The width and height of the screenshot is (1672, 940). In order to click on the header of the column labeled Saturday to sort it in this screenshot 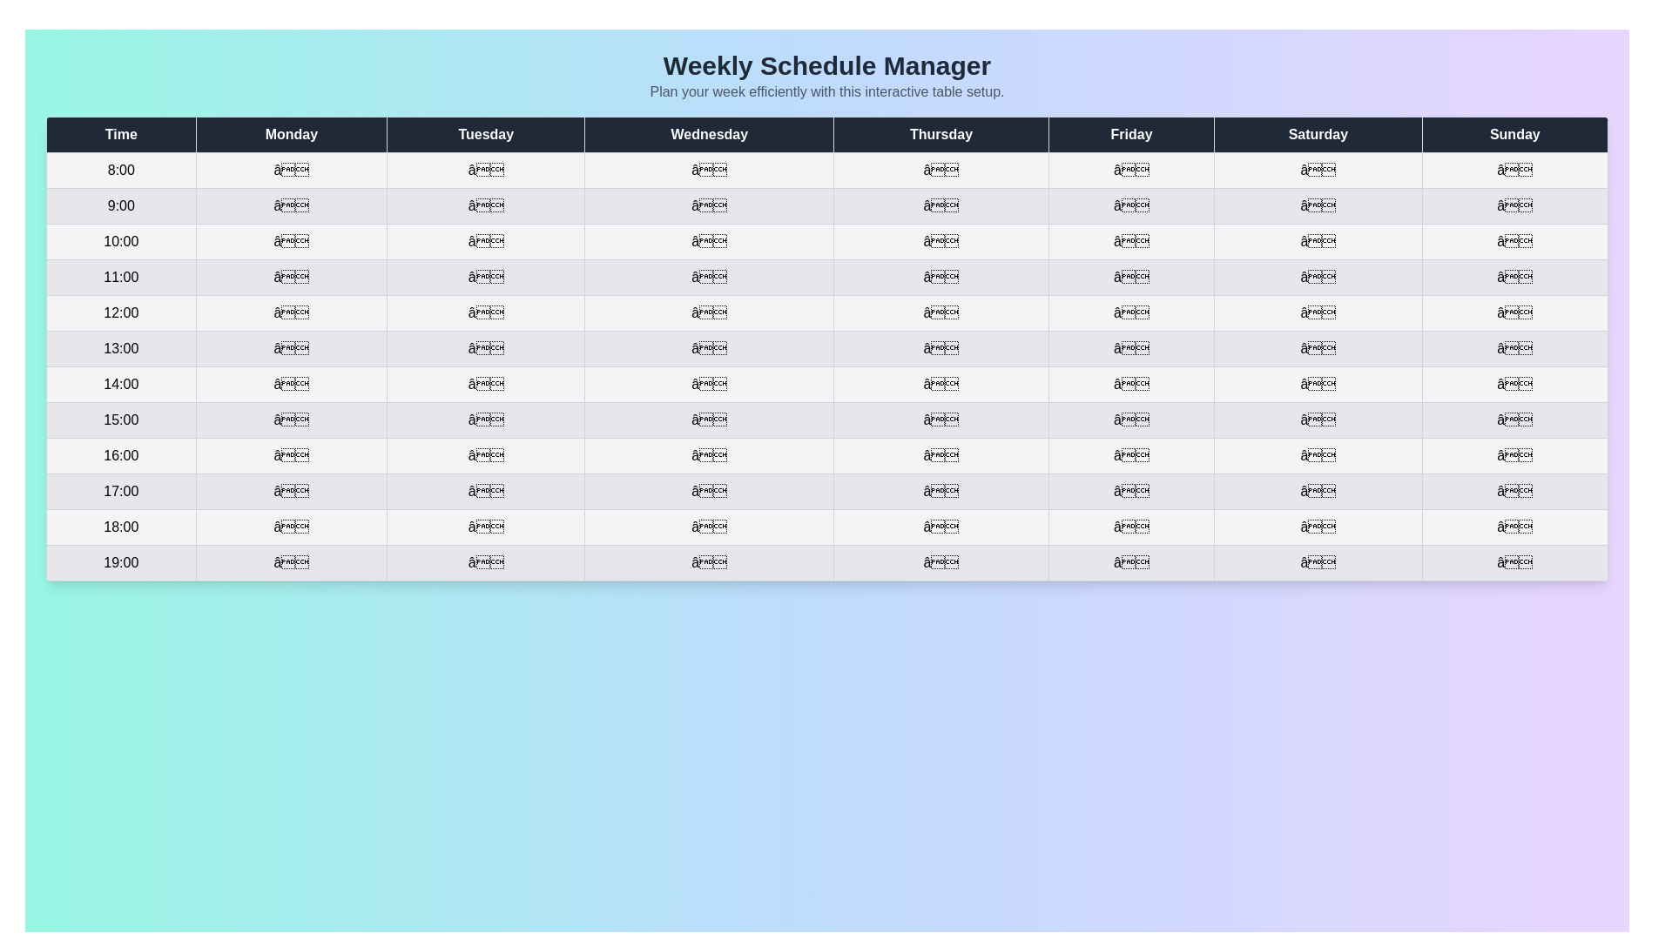, I will do `click(1318, 133)`.